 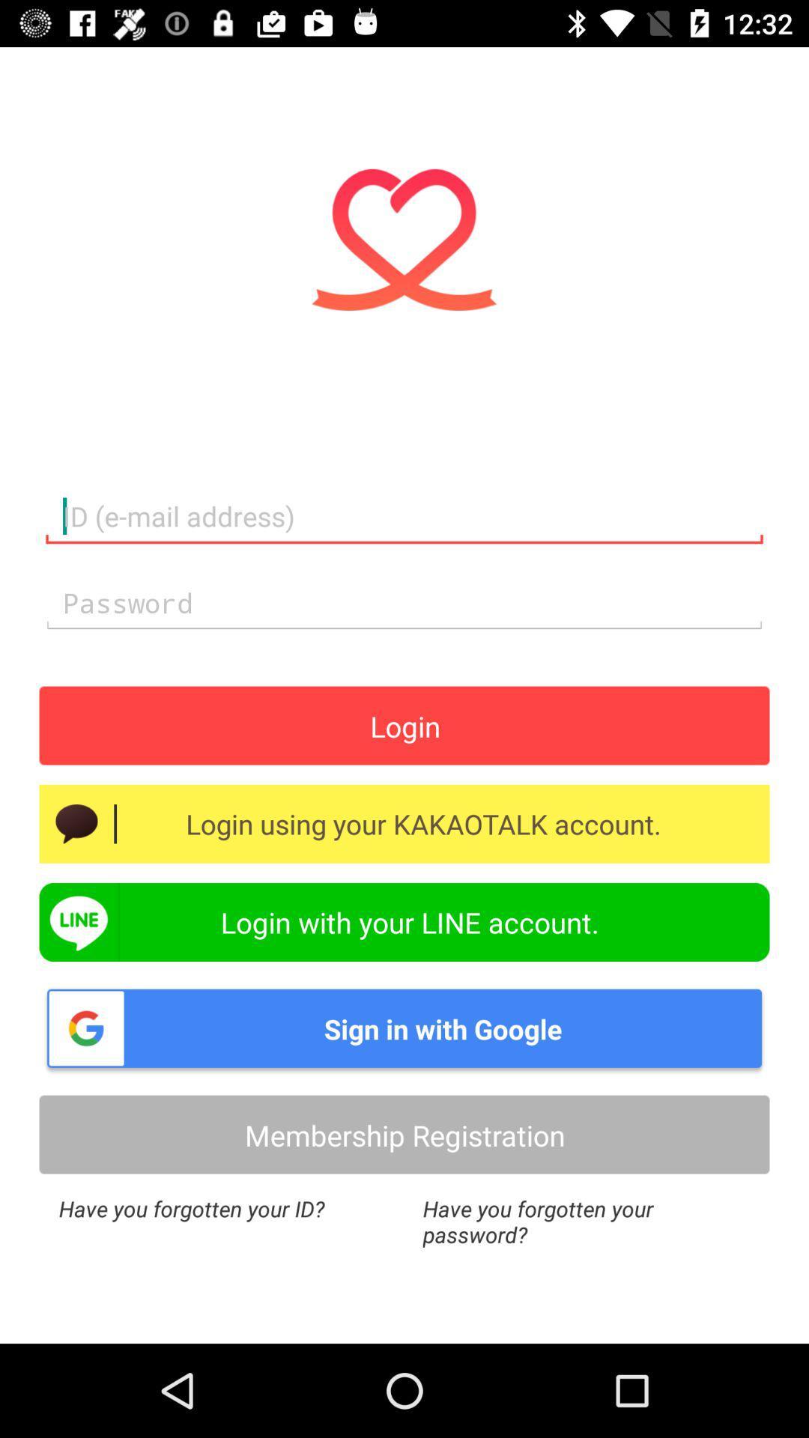 What do you see at coordinates (404, 1028) in the screenshot?
I see `the icon below login with your item` at bounding box center [404, 1028].